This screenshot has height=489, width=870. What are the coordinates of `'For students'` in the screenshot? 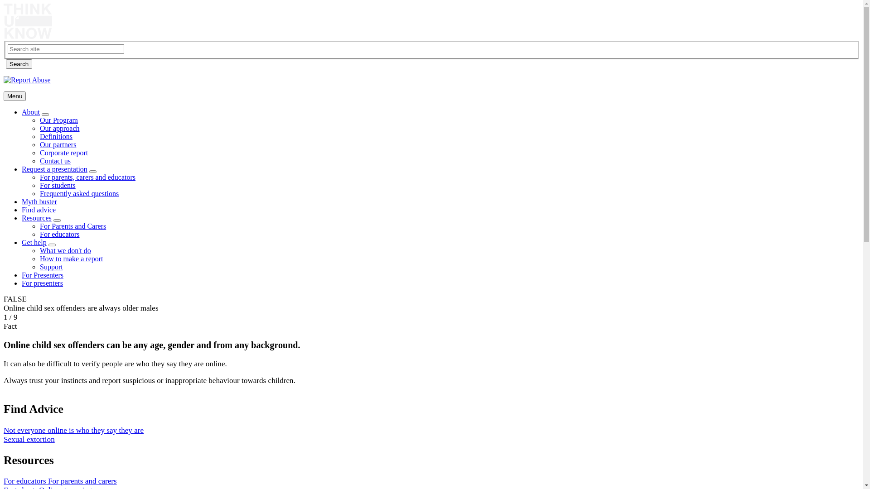 It's located at (57, 185).